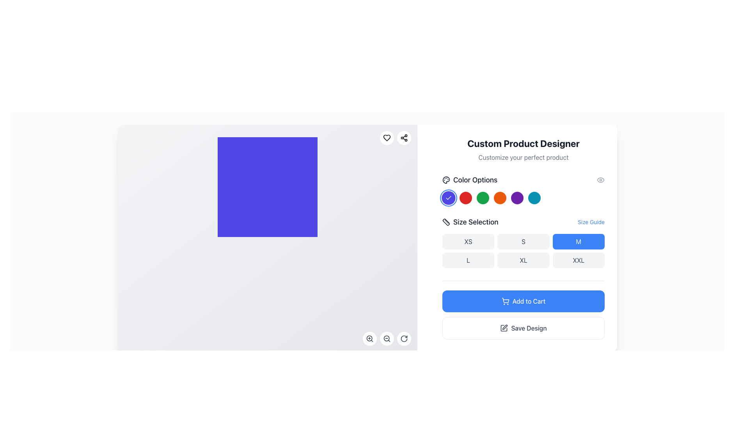  I want to click on the preview feature icon located at the far-right end of the row containing the 'Color Options' title, so click(600, 180).